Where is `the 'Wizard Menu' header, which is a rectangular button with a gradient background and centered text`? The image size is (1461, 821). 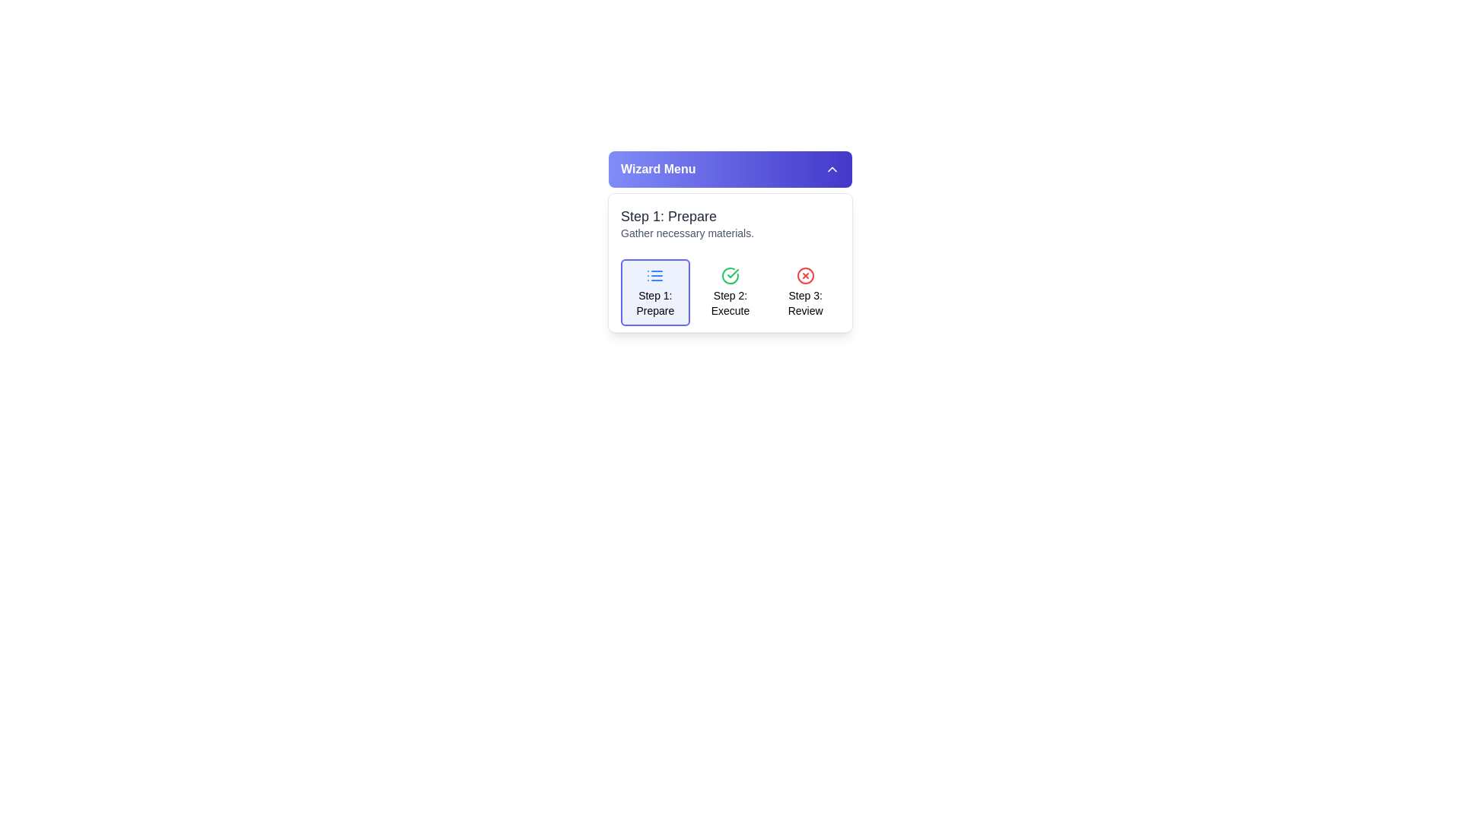
the 'Wizard Menu' header, which is a rectangular button with a gradient background and centered text is located at coordinates (730, 170).